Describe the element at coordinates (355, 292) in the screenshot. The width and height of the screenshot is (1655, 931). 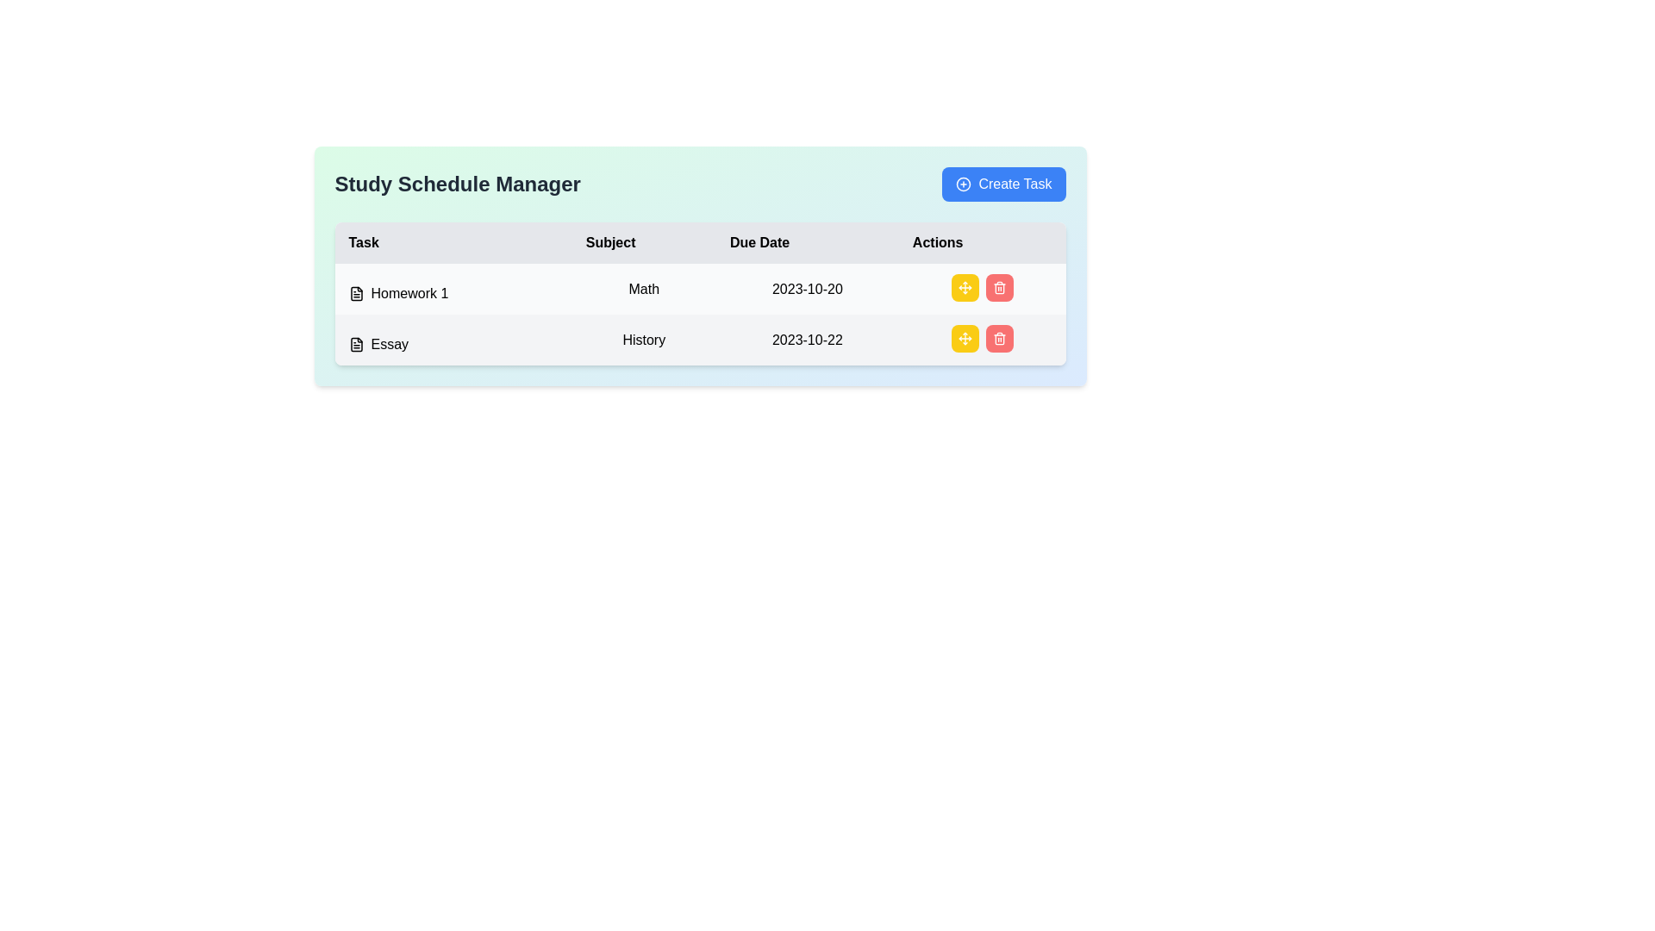
I see `the document icon representing 'Homework 1' in the 'Task' column of the 'Study Schedule Manager' section` at that location.